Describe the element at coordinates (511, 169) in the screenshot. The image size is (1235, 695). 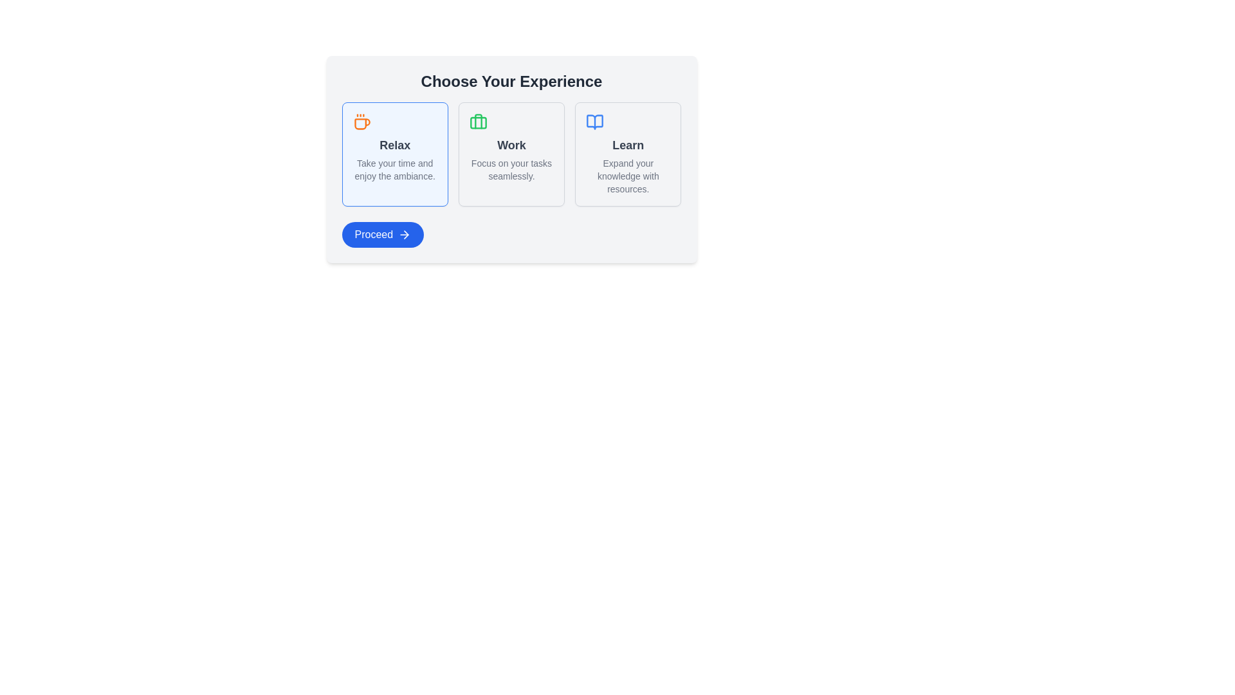
I see `the Text element that provides a description of the 'Work' option, located just below the title 'Work' within the card labeled 'Work'` at that location.